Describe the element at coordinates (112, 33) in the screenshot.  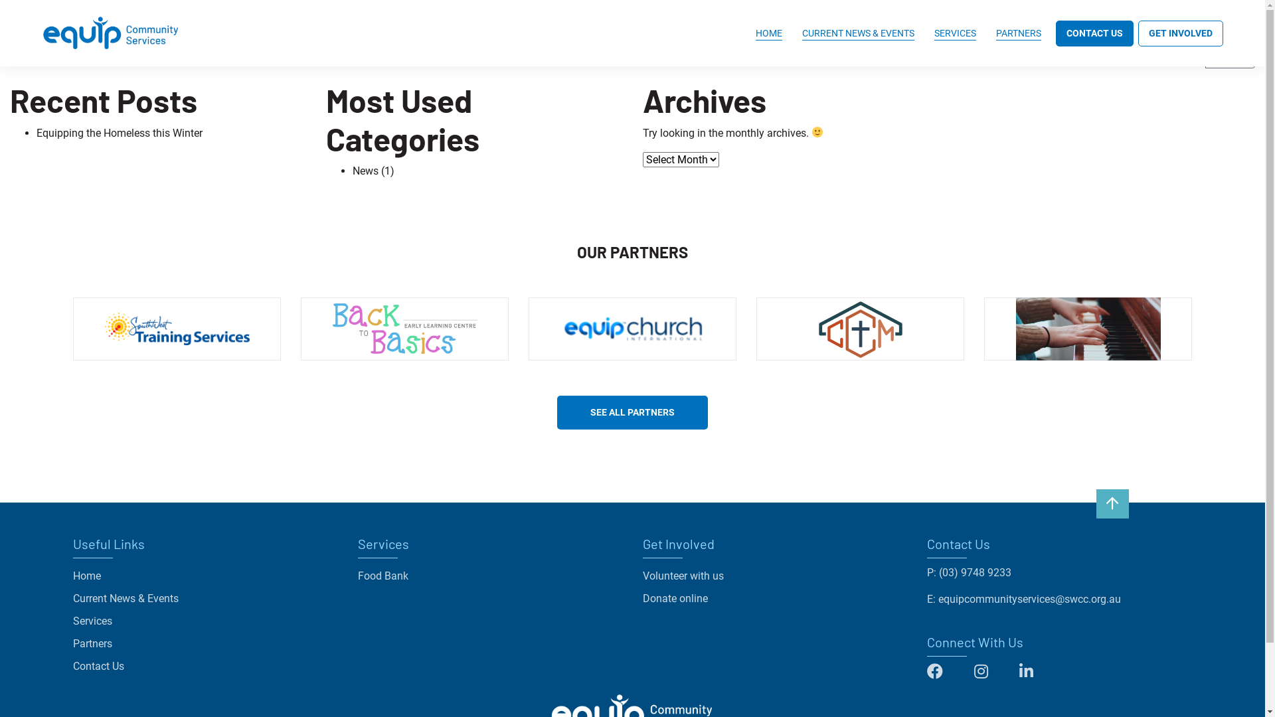
I see `'Equip Community Services'` at that location.